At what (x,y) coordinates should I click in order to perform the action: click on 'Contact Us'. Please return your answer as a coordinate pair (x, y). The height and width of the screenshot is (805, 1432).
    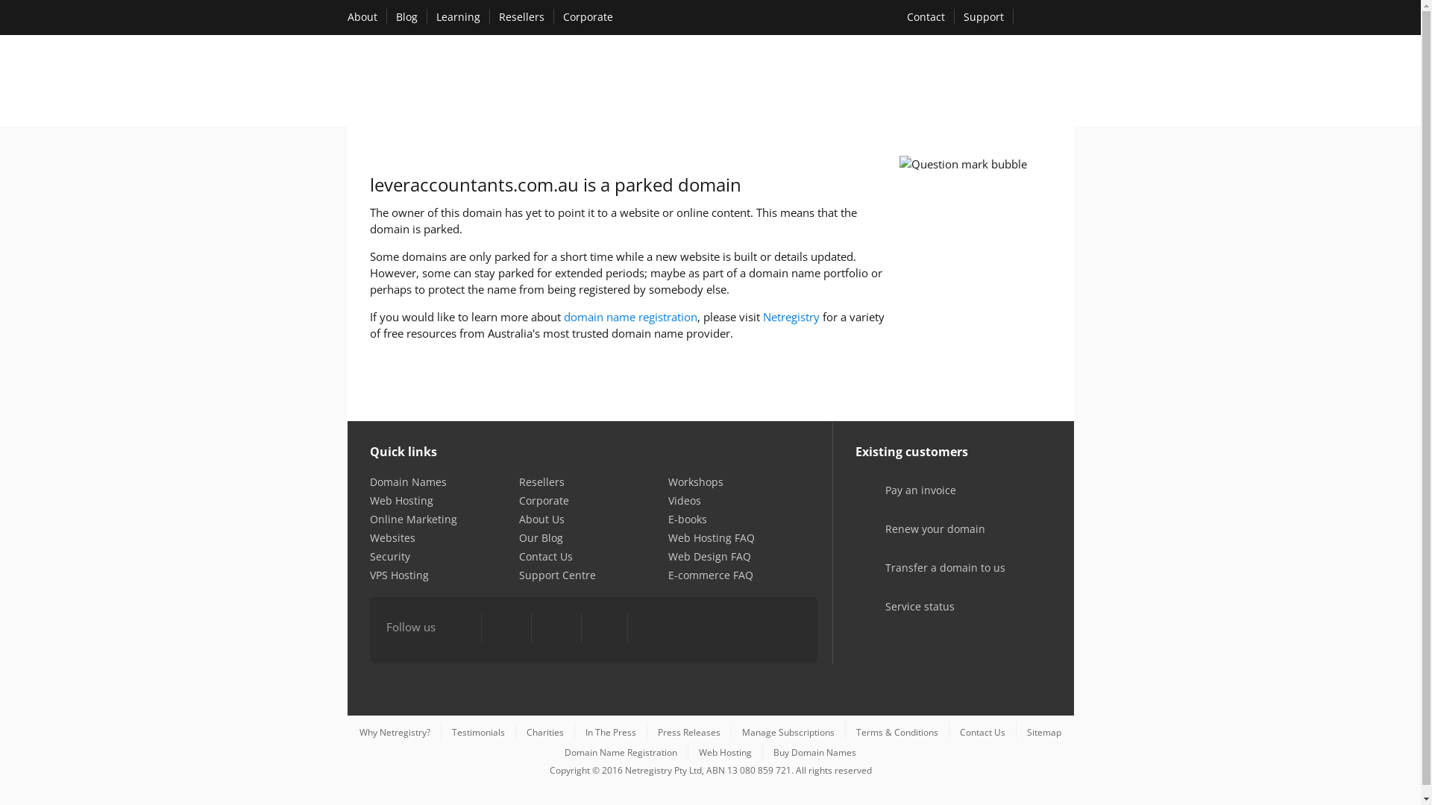
    Looking at the image, I should click on (544, 556).